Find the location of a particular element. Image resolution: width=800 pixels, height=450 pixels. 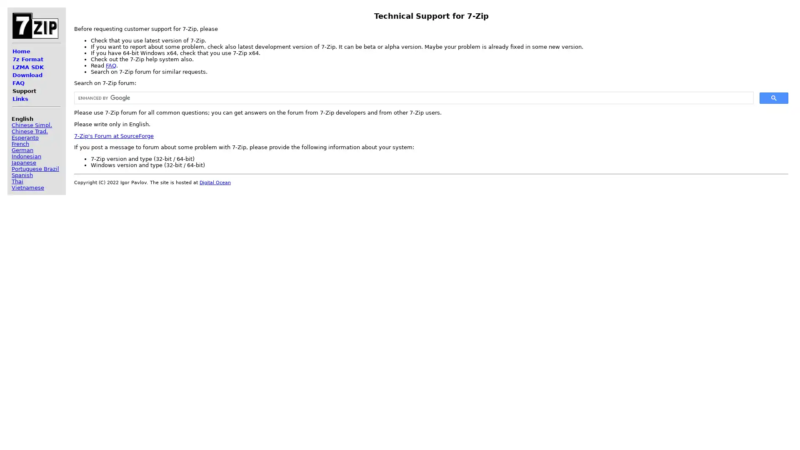

search is located at coordinates (773, 97).